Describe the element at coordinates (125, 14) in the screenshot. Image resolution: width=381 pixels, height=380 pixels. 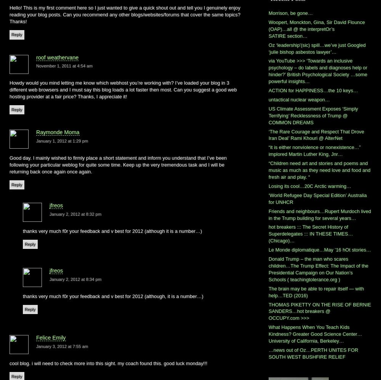
I see `'Hello! This is my first comment here so I just wanted to give a quick shout out and tell you I genuinely enjoy reading your blog posts. Can you recommend any other blogs/websites/forums that cover the same topics? Thanks!'` at that location.